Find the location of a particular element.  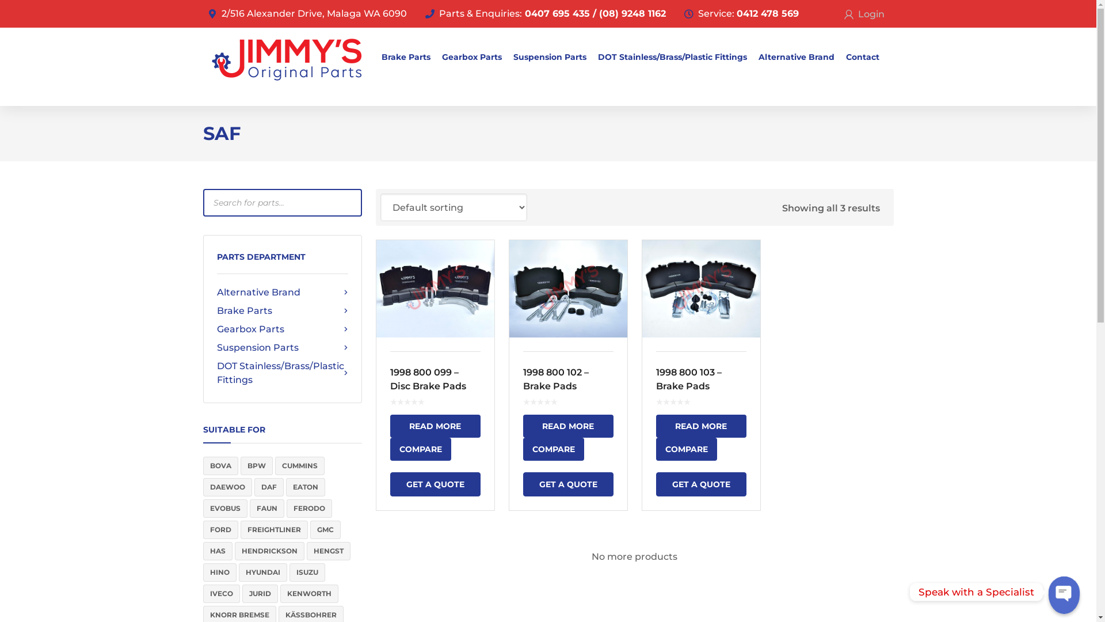

'Alternative Brand' is located at coordinates (281, 292).